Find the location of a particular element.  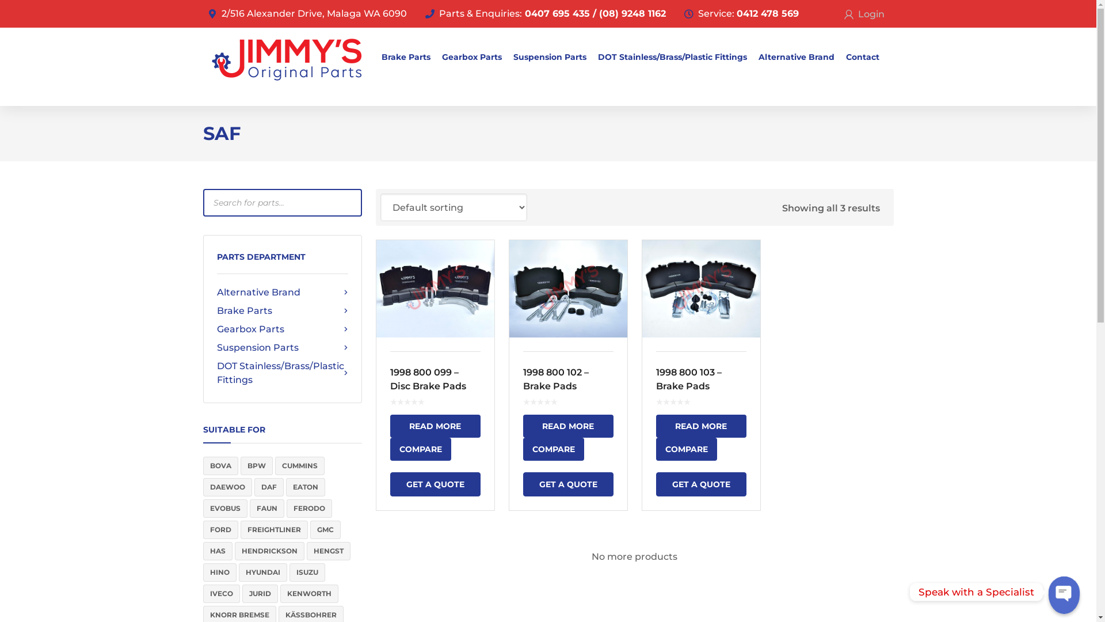

'Alternative Brand' is located at coordinates (281, 292).